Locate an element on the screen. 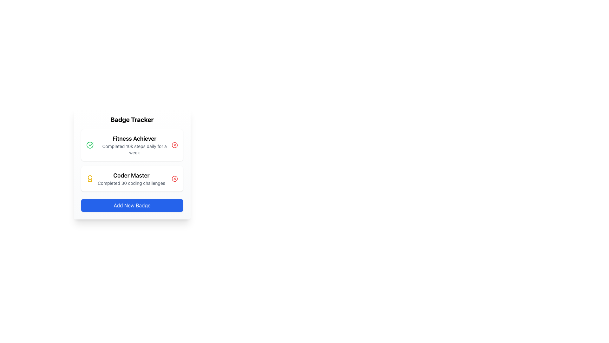 The height and width of the screenshot is (343, 609). the decorative SVG icon representing the 'Coder Master' badge, which is positioned to the left of the badge title at the top-left of the badge's bounding box is located at coordinates (89, 180).